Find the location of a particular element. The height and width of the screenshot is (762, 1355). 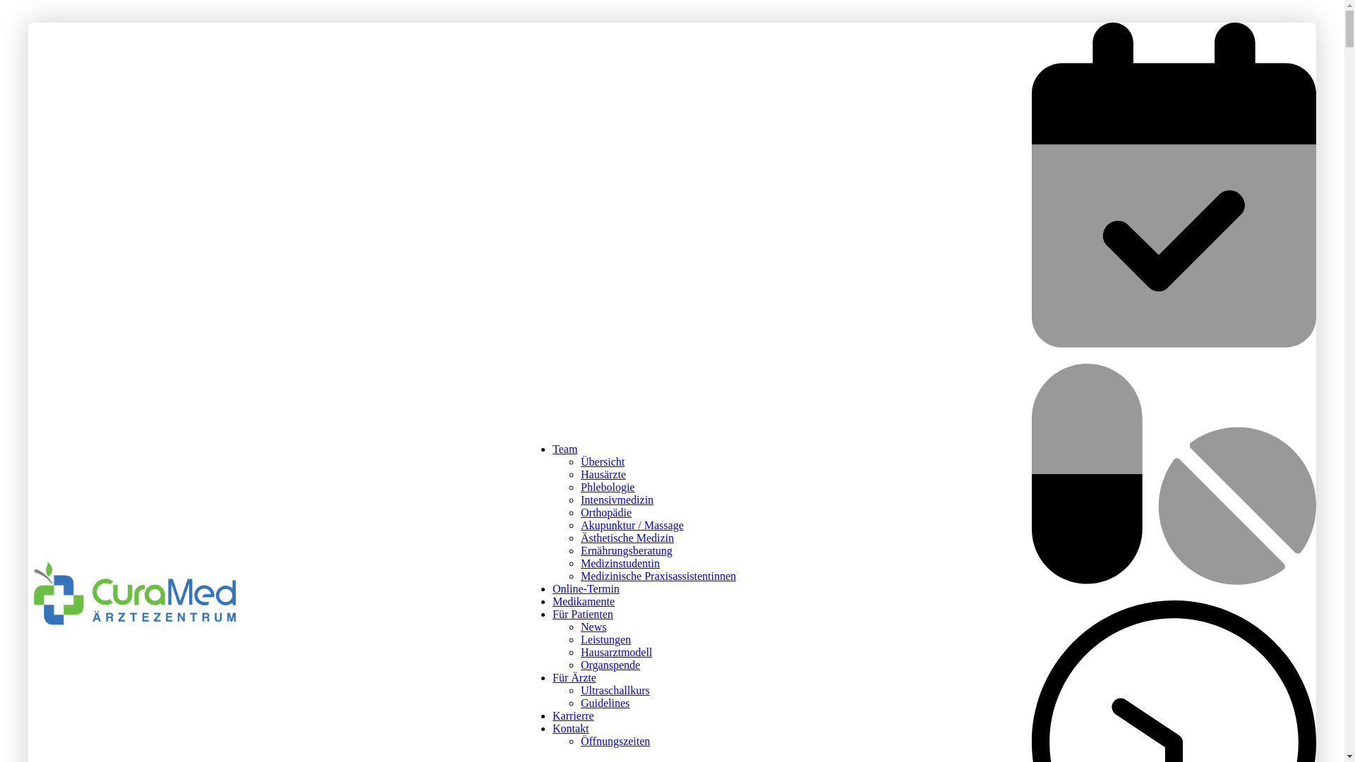

'Karrierre' is located at coordinates (551, 715).